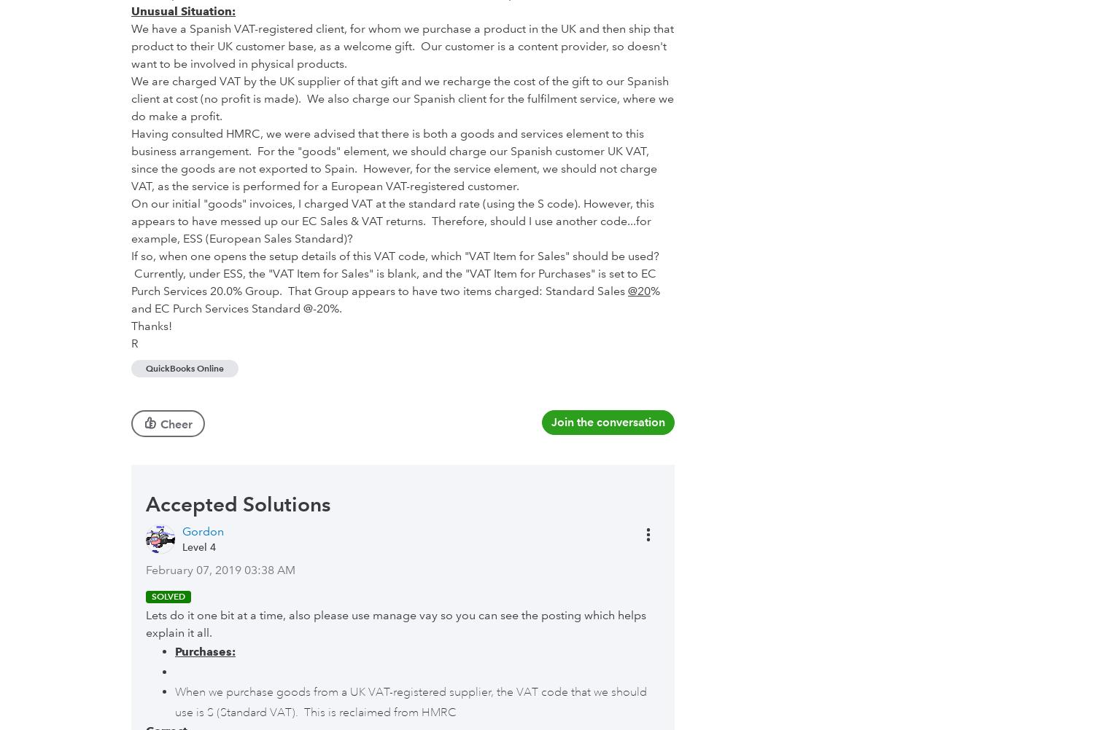  I want to click on 'Accepted Solutions', so click(238, 503).